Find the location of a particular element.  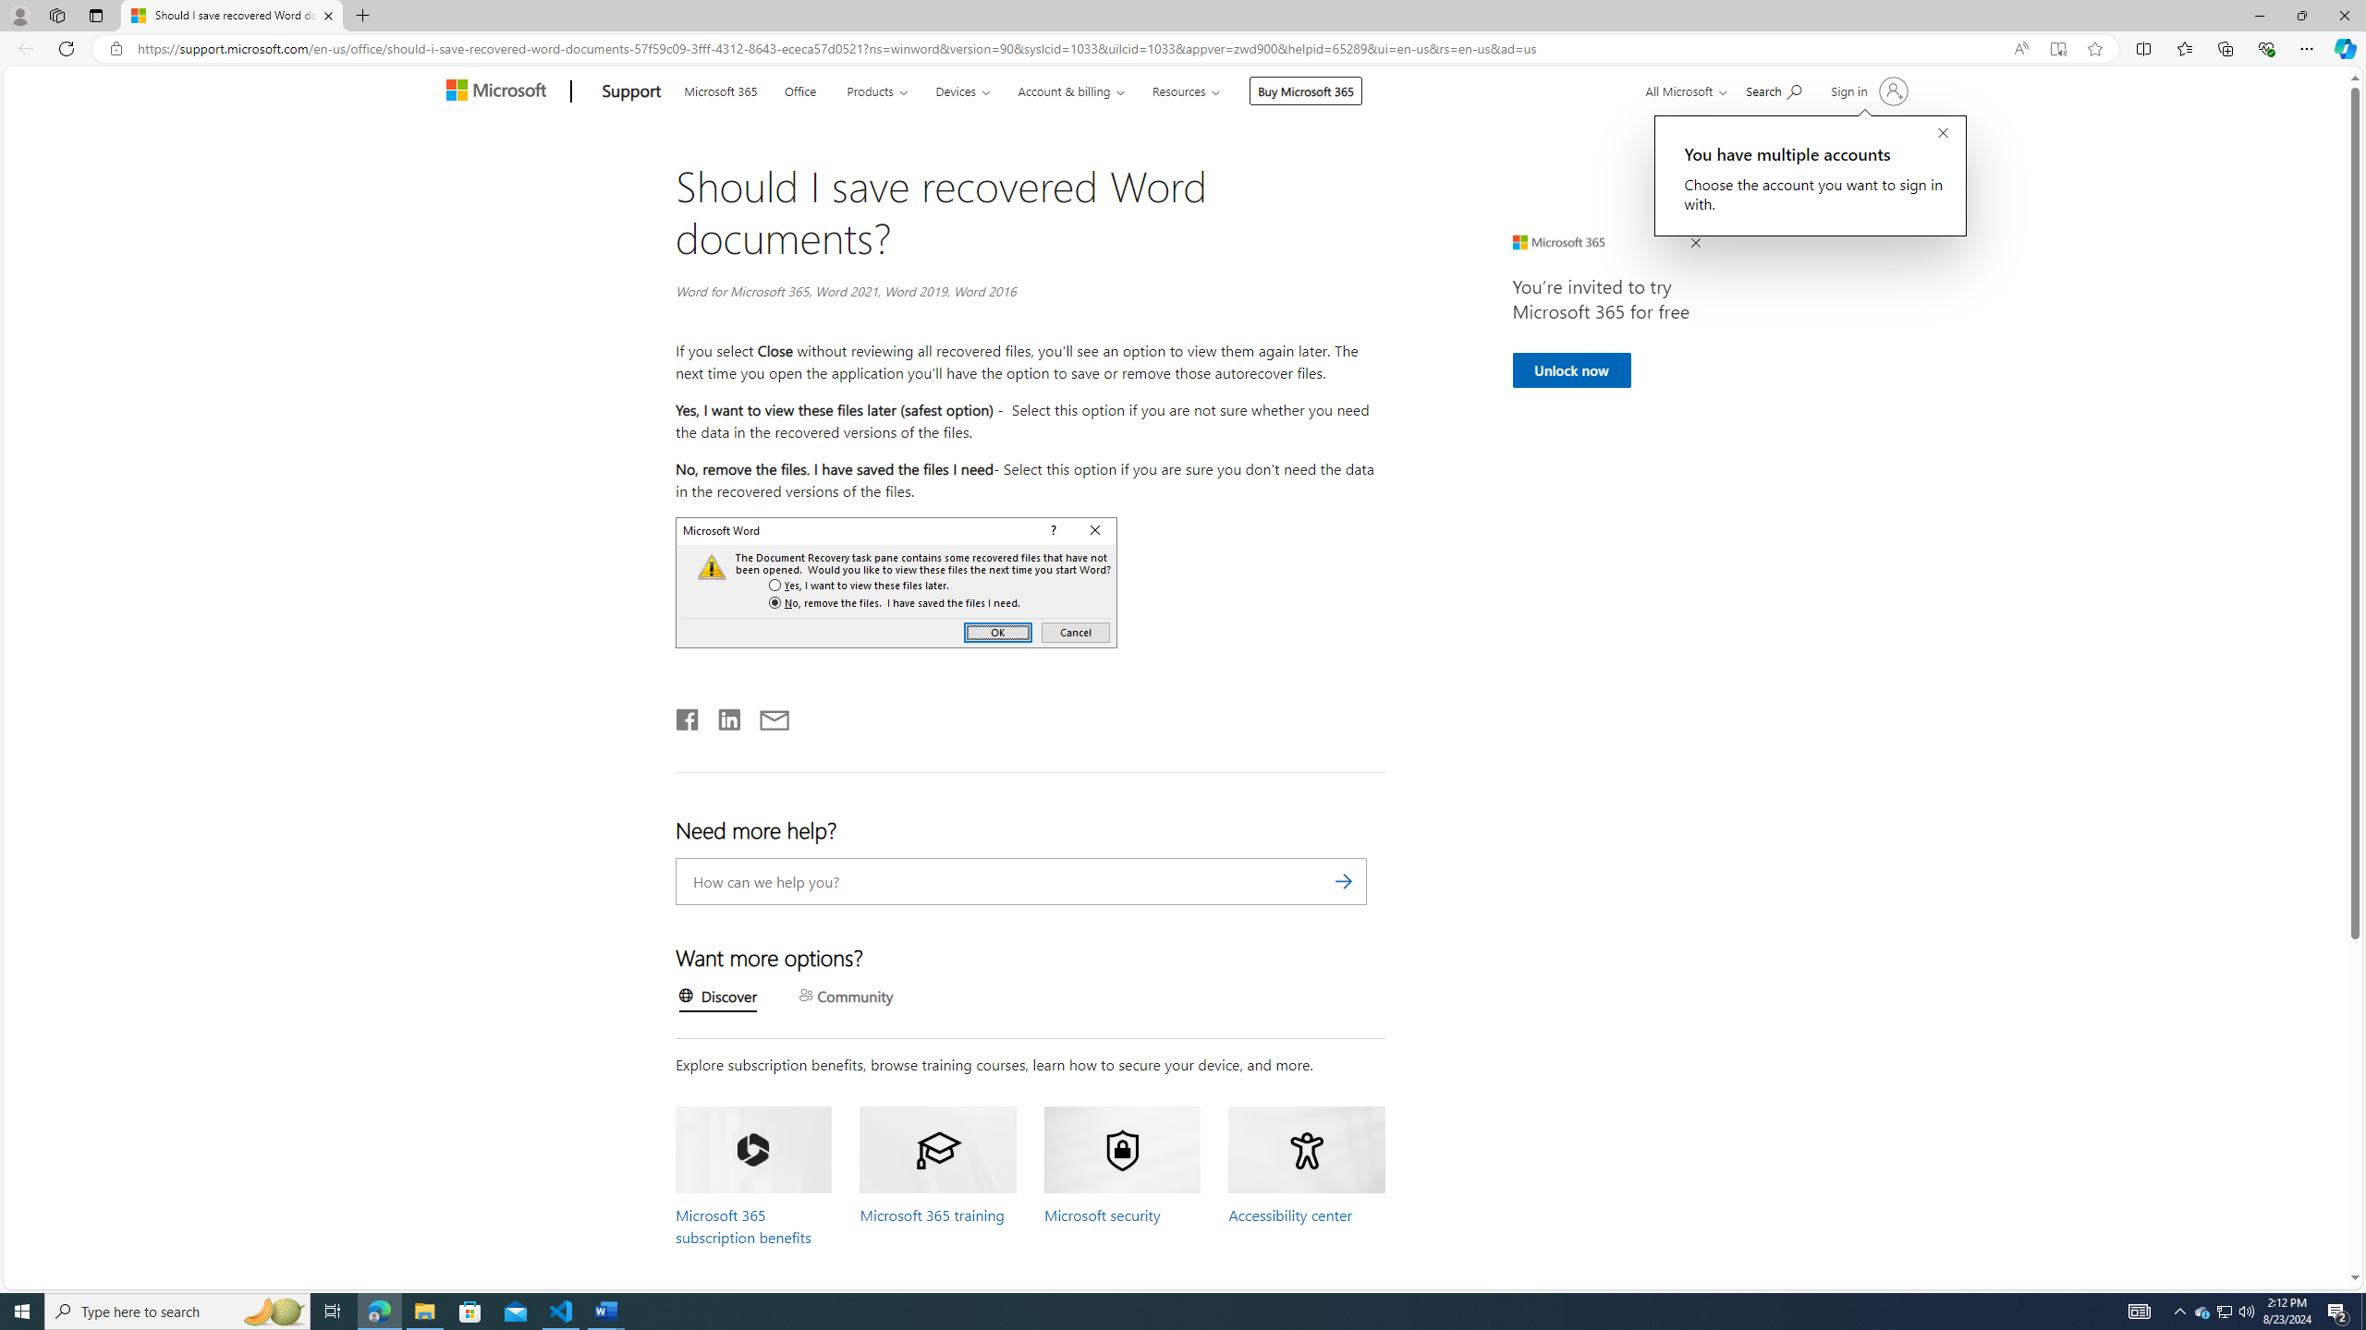

'Personal Profile' is located at coordinates (18, 15).